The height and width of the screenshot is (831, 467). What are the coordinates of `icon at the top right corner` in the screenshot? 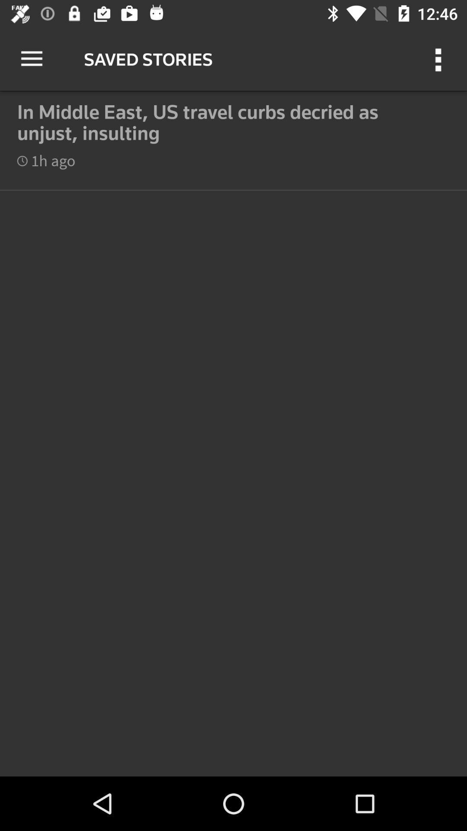 It's located at (440, 58).